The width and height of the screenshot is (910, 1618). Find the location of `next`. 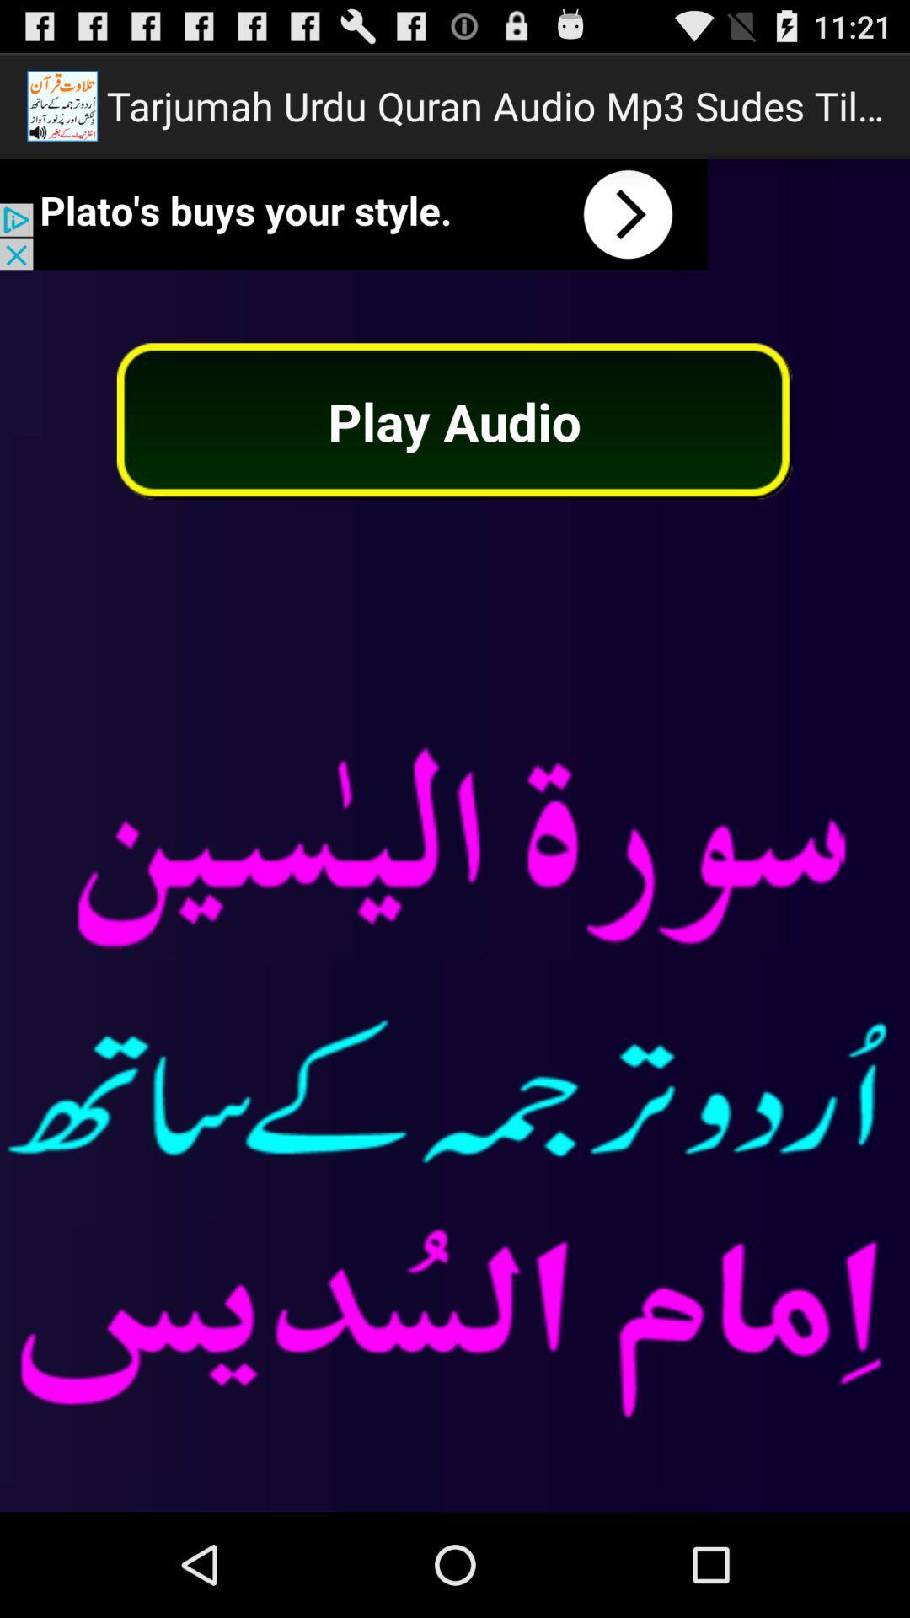

next is located at coordinates (353, 213).